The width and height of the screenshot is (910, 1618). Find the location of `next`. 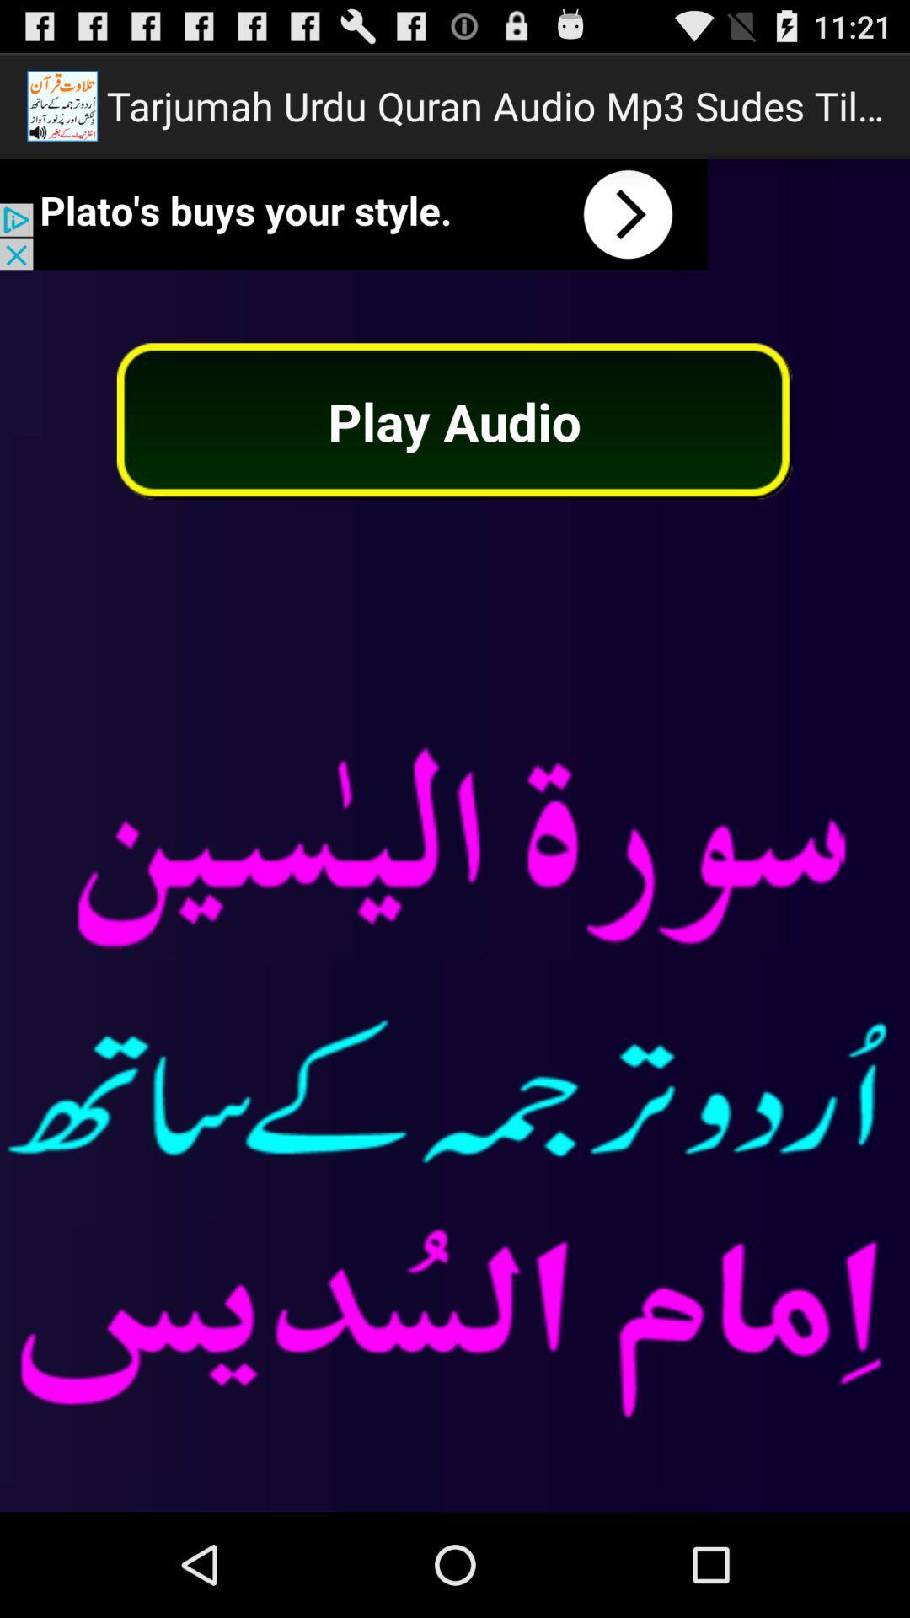

next is located at coordinates (353, 213).